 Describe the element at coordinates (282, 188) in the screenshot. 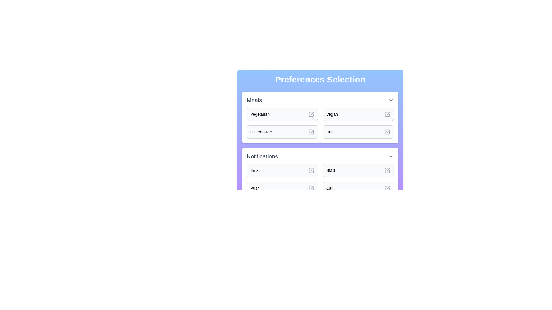

I see `the 'Push' notification preference button located in the lower-left part of the 'Notifications' section, directly under the 'Email' and 'SMS' buttons, and adjacent to the 'Call' button on its right` at that location.